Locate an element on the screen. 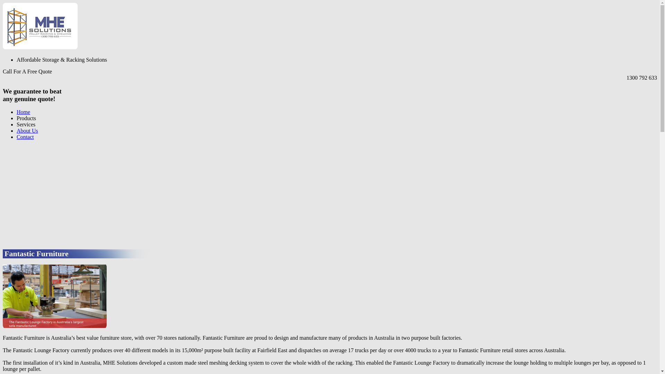 The height and width of the screenshot is (374, 665). 'About Us' is located at coordinates (27, 131).